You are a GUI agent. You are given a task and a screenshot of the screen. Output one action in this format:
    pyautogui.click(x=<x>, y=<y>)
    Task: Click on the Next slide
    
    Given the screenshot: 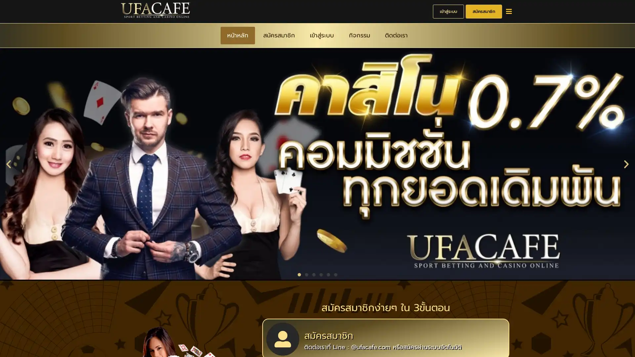 What is the action you would take?
    pyautogui.click(x=626, y=163)
    